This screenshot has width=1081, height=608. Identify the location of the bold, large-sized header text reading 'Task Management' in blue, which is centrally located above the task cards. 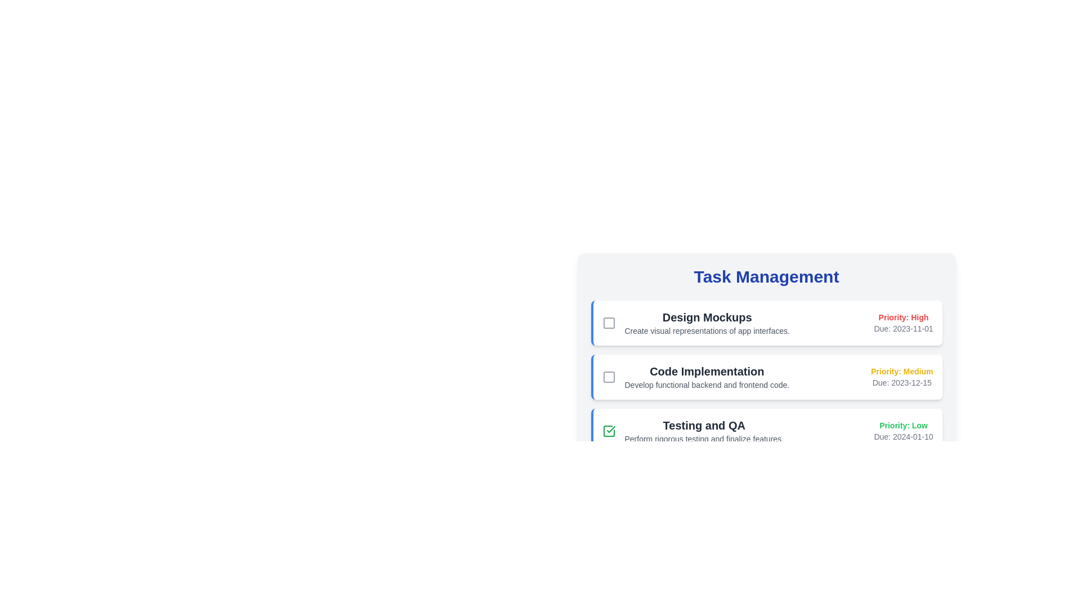
(766, 277).